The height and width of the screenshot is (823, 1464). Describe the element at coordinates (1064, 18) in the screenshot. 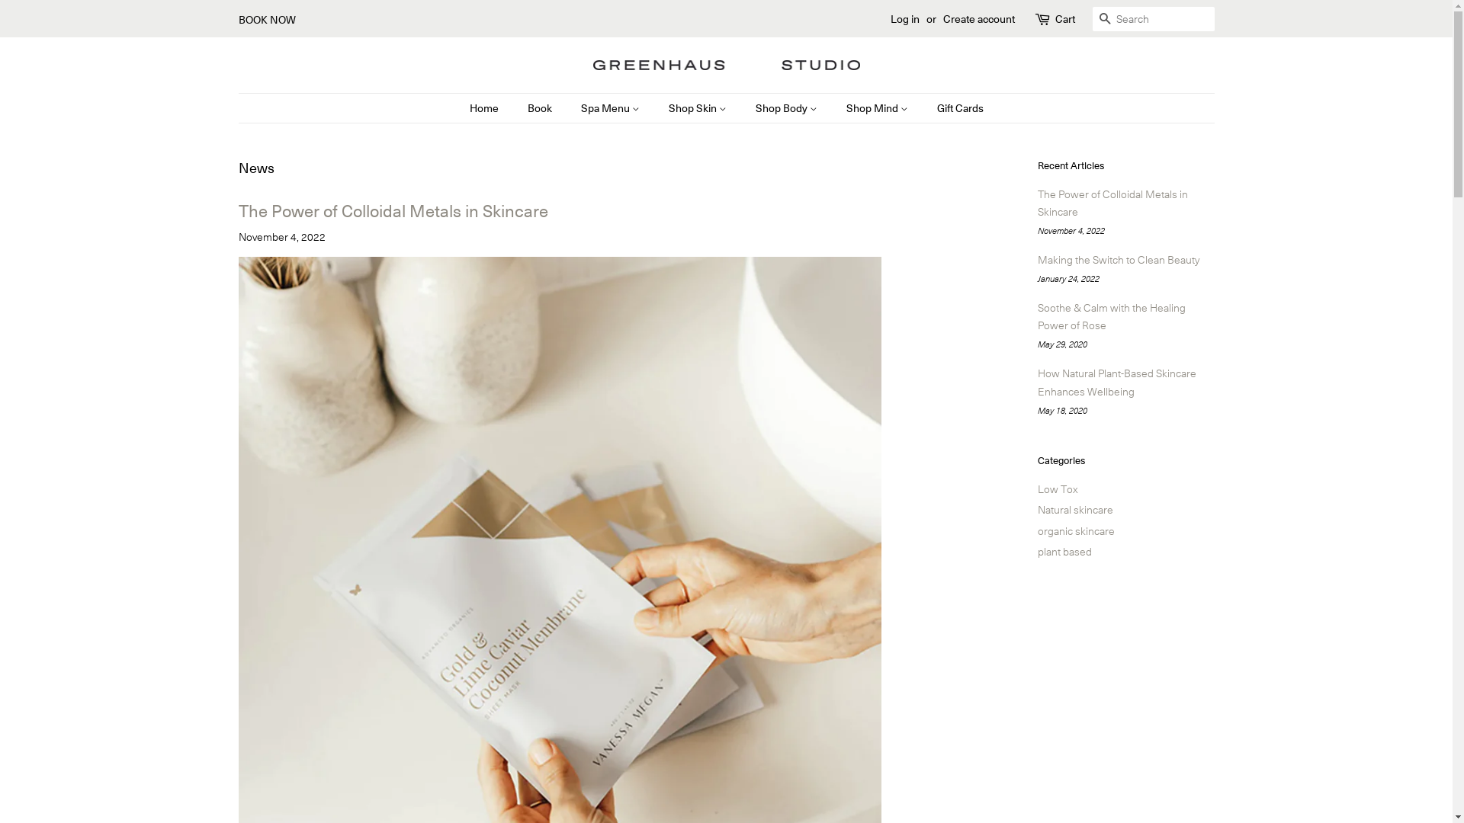

I see `'Cart'` at that location.